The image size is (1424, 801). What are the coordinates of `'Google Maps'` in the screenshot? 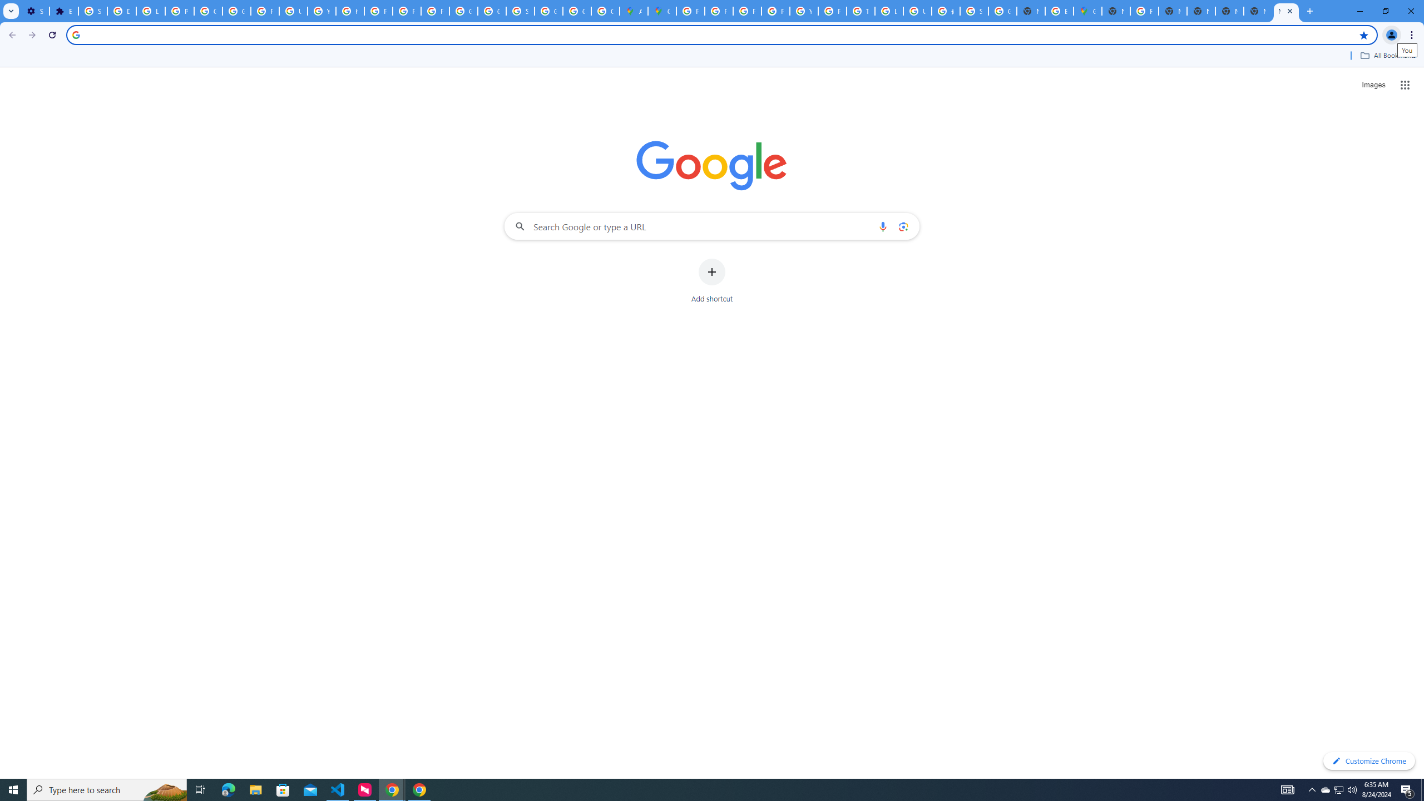 It's located at (662, 11).